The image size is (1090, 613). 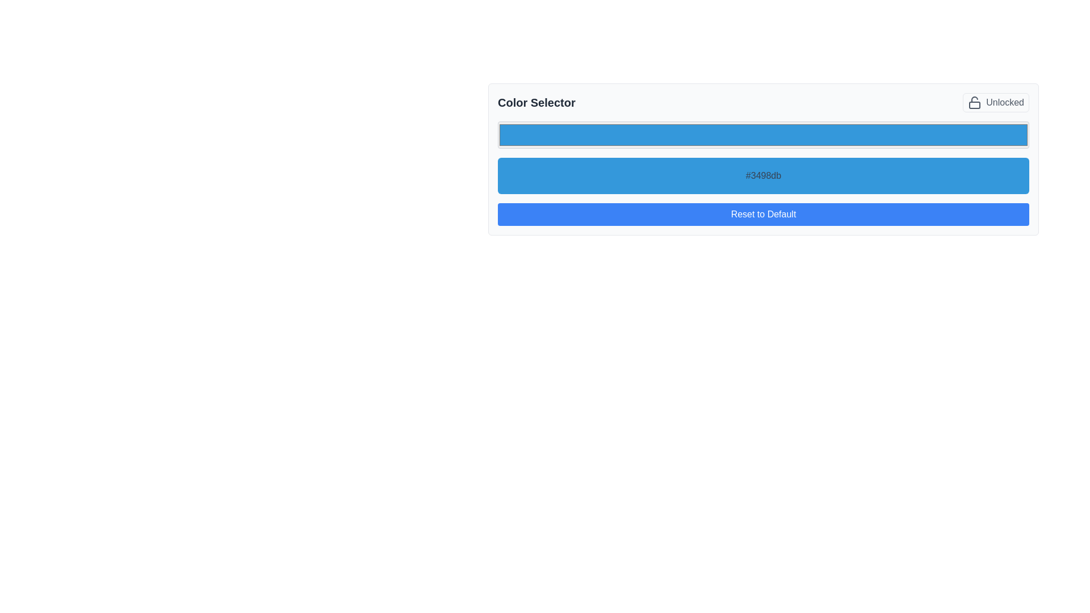 What do you see at coordinates (763, 175) in the screenshot?
I see `the Color Preview Box displaying the blue shade '#3498db' located in the Color Selector panel, positioned below the color picker and above the 'Reset to Default' button` at bounding box center [763, 175].